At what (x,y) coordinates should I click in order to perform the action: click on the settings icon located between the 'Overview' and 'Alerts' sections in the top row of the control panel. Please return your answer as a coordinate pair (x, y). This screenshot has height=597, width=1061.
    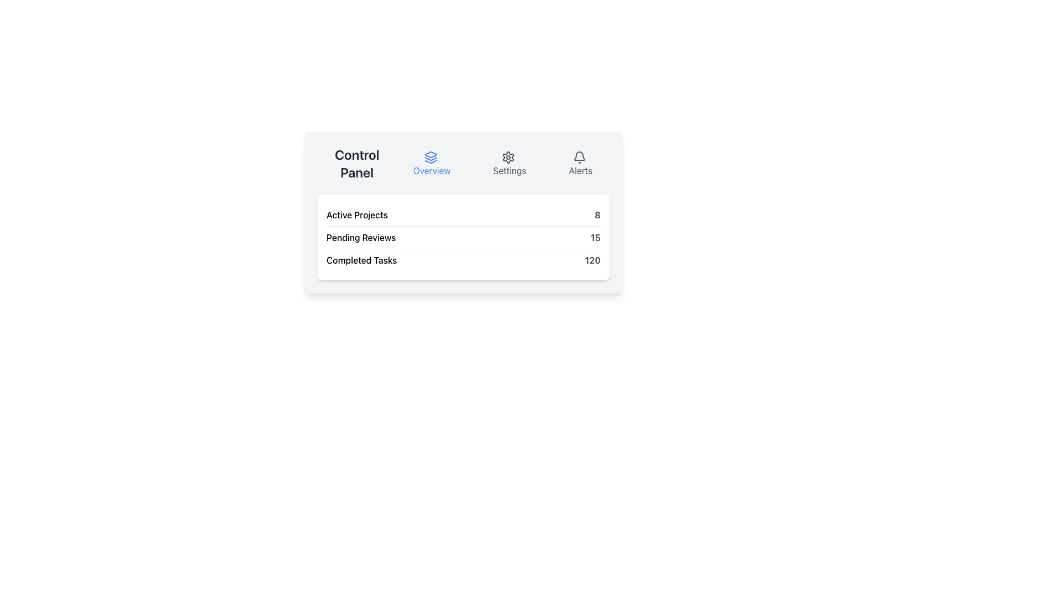
    Looking at the image, I should click on (508, 157).